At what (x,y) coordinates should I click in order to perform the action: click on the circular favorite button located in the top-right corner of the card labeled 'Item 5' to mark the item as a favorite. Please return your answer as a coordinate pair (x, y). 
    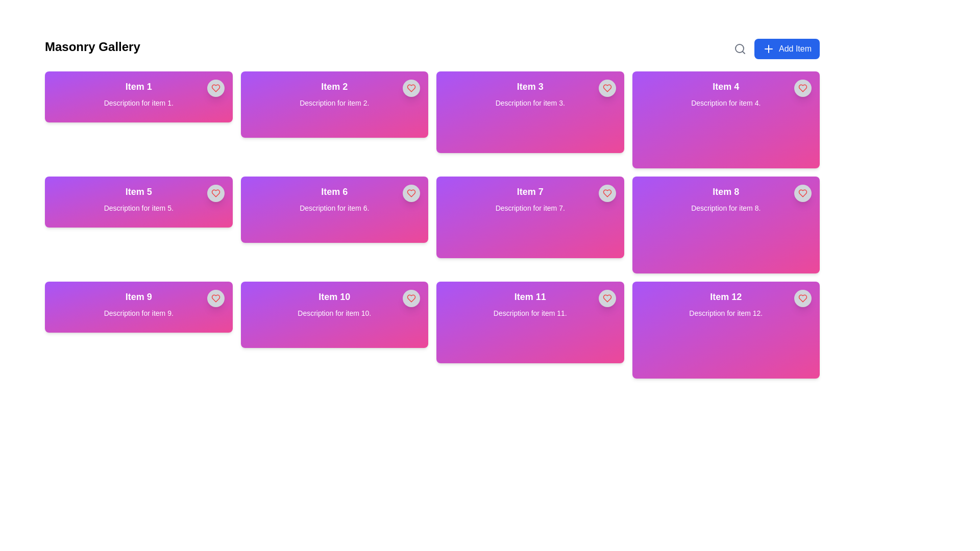
    Looking at the image, I should click on (215, 193).